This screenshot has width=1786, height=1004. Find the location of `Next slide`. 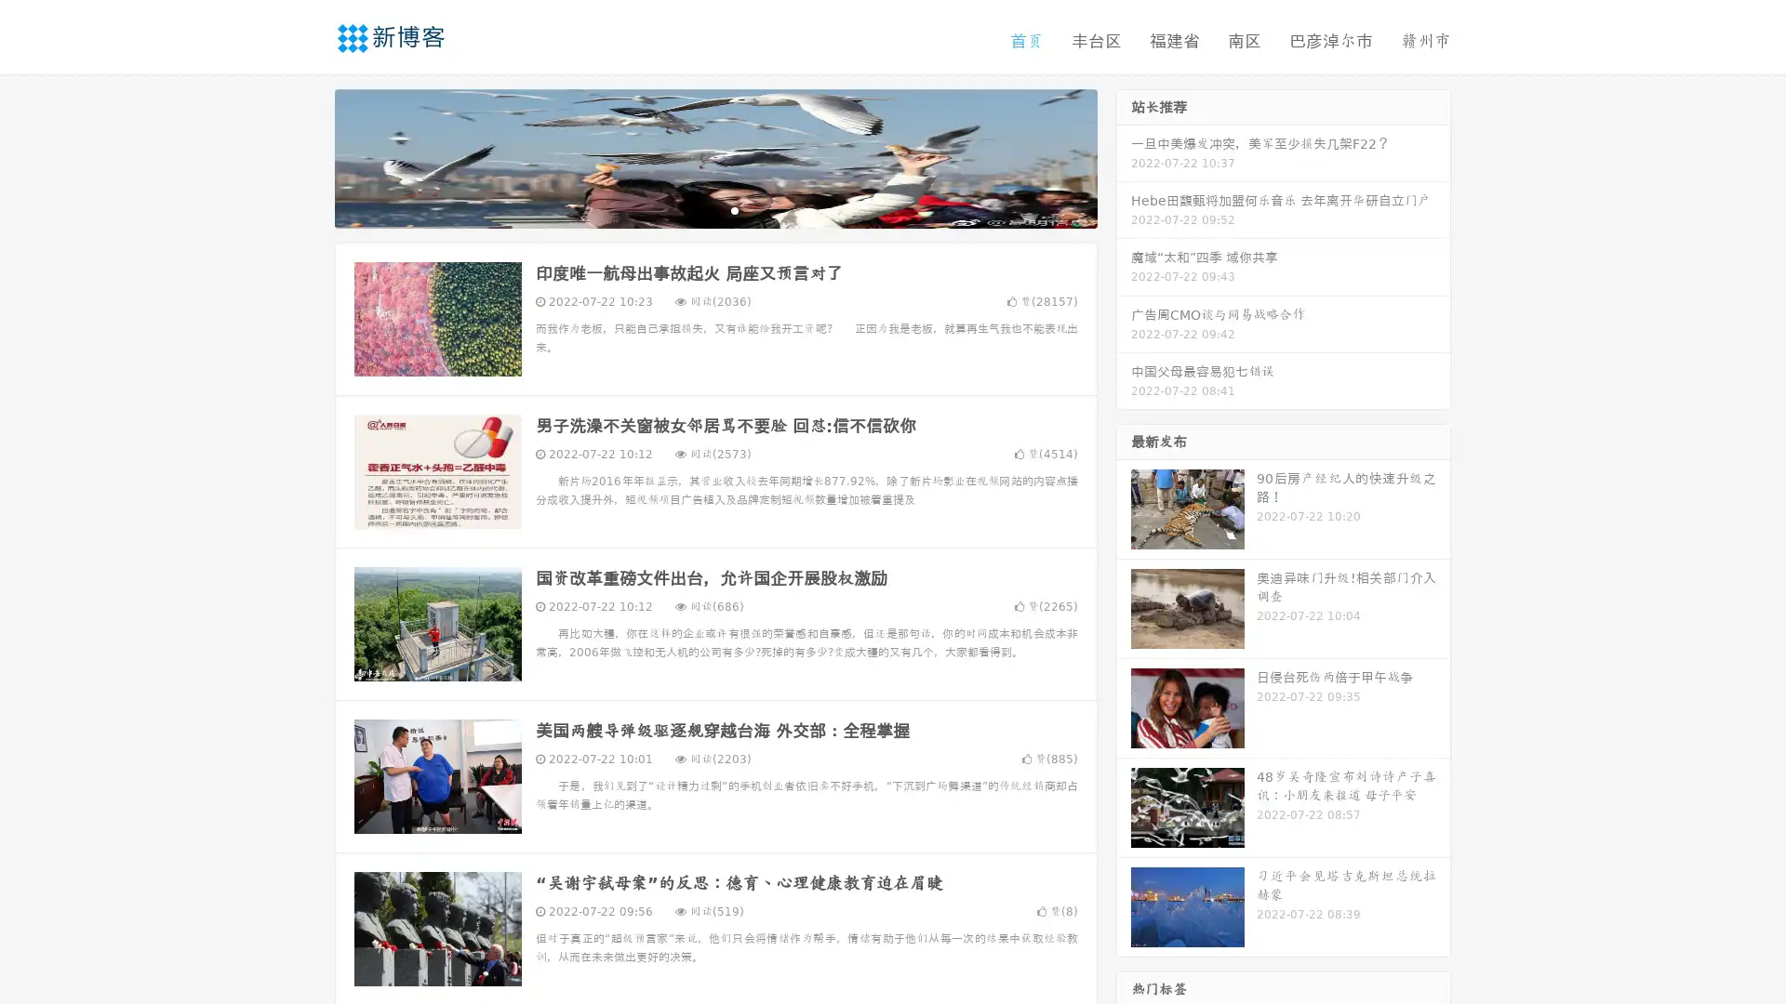

Next slide is located at coordinates (1124, 156).